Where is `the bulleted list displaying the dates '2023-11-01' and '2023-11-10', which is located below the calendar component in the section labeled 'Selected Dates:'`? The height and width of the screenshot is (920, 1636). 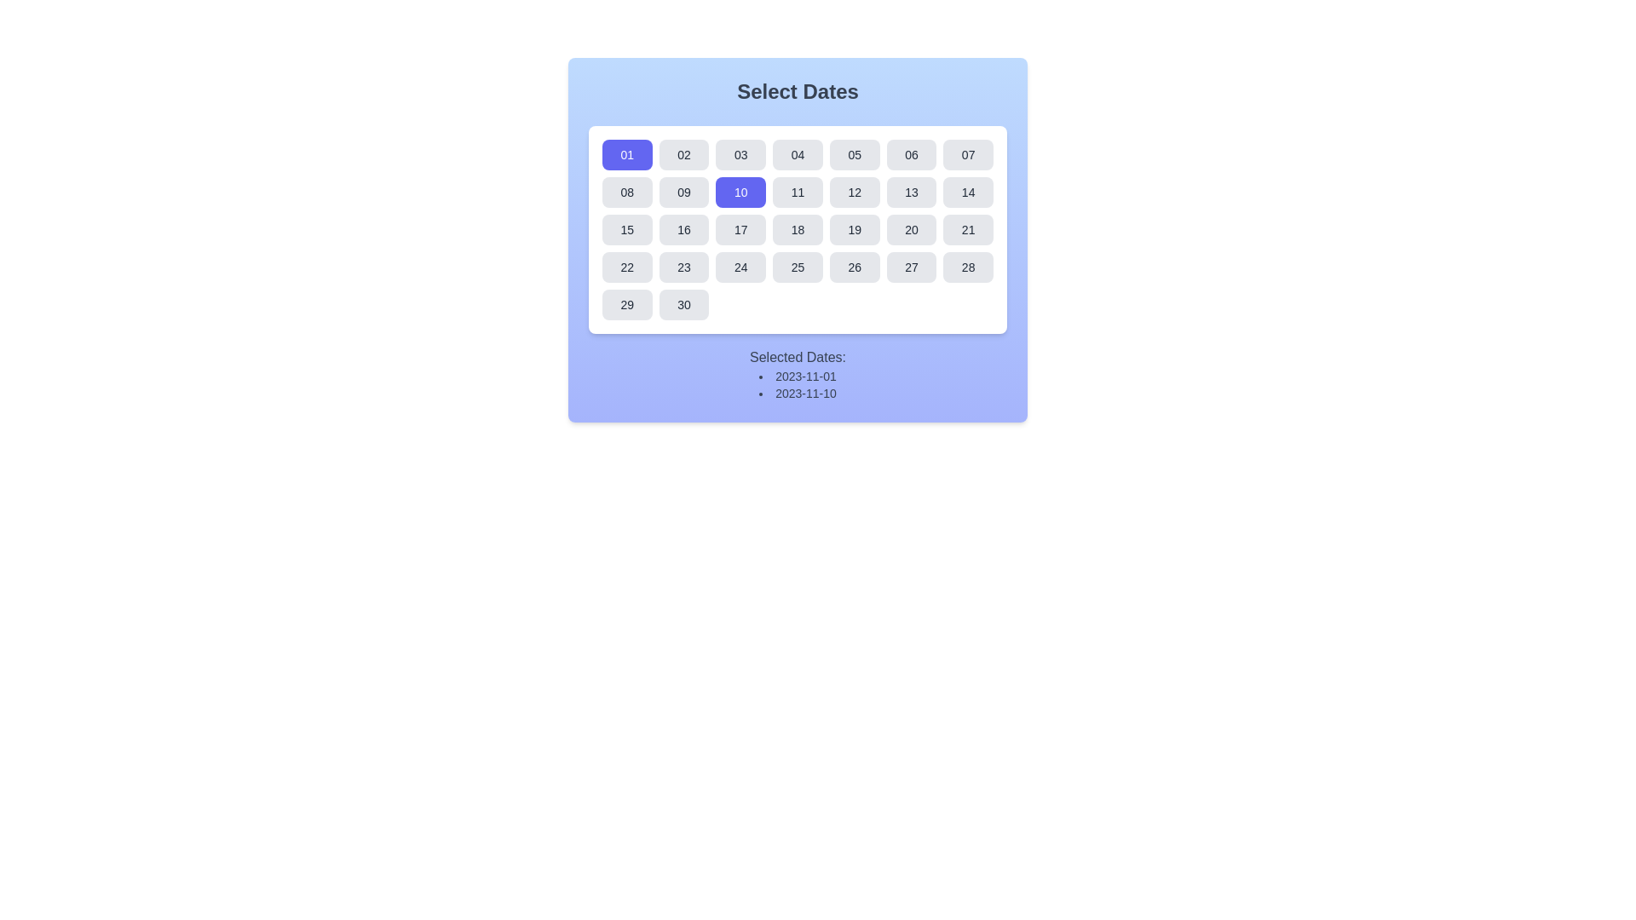
the bulleted list displaying the dates '2023-11-01' and '2023-11-10', which is located below the calendar component in the section labeled 'Selected Dates:' is located at coordinates (797, 384).